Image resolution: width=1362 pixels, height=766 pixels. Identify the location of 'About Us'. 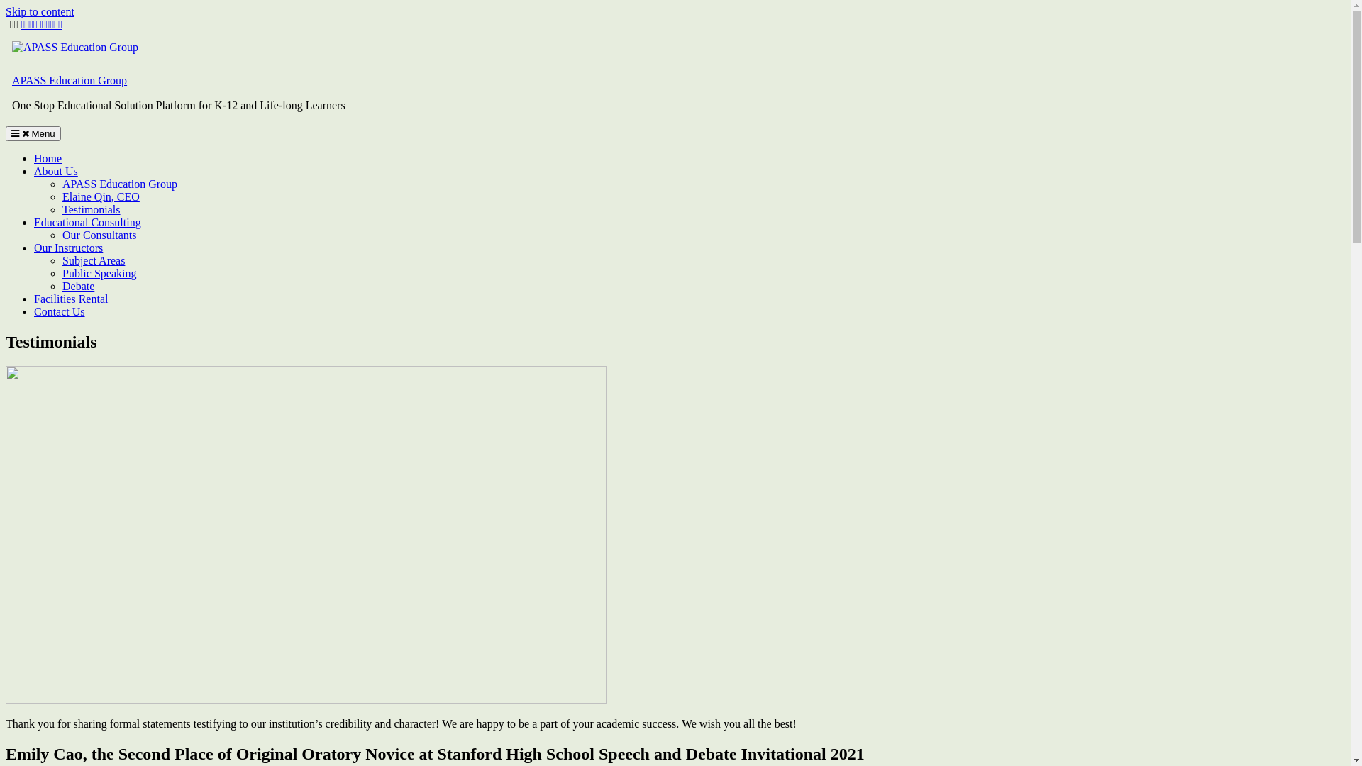
(55, 170).